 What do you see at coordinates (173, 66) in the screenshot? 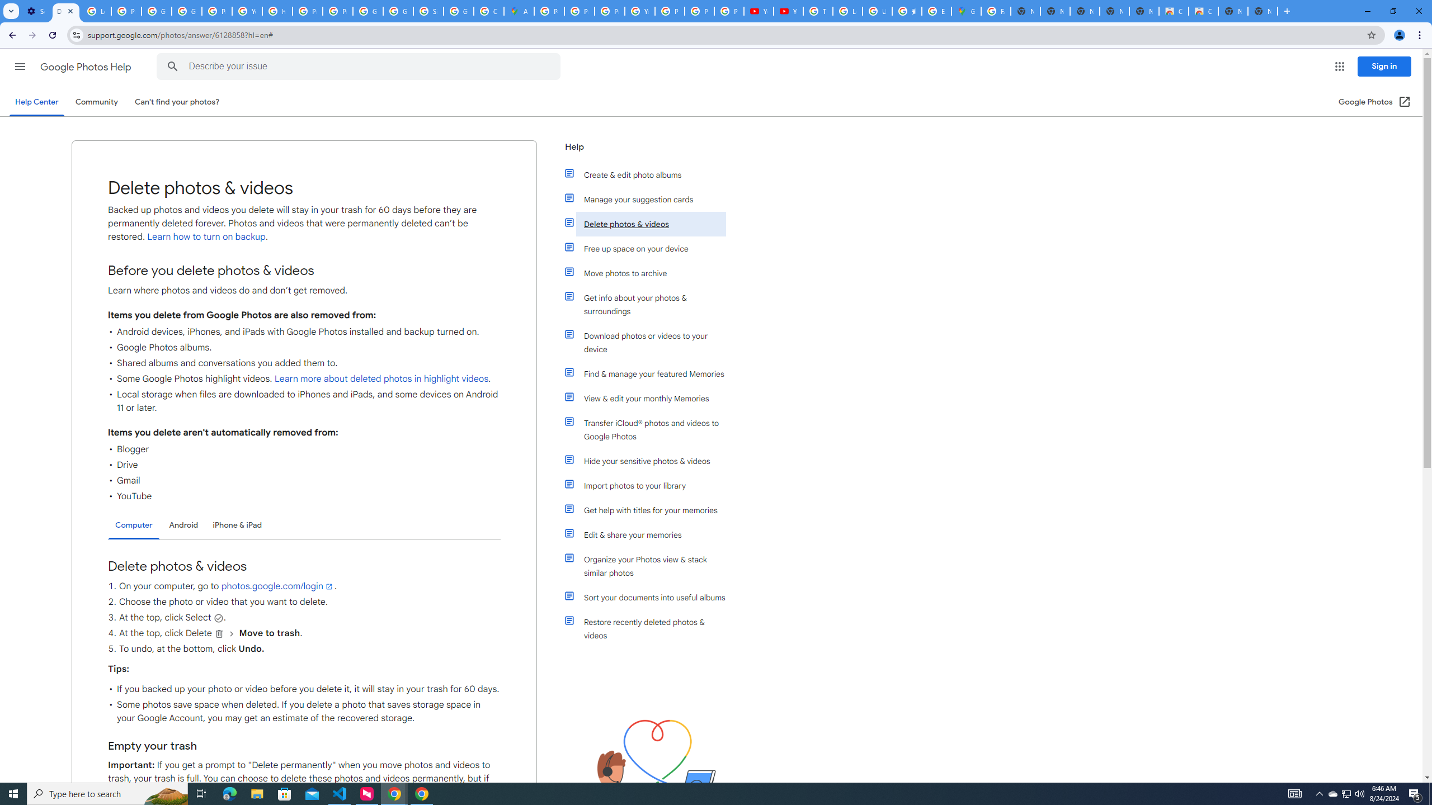
I see `'Search Help Center'` at bounding box center [173, 66].